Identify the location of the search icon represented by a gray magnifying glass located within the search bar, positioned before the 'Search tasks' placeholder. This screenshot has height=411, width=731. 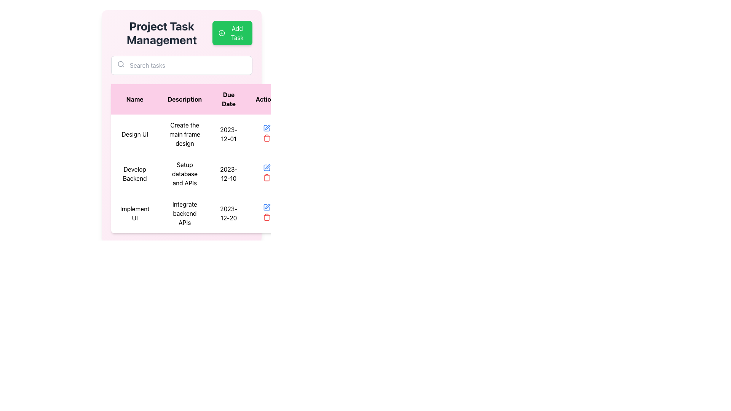
(120, 64).